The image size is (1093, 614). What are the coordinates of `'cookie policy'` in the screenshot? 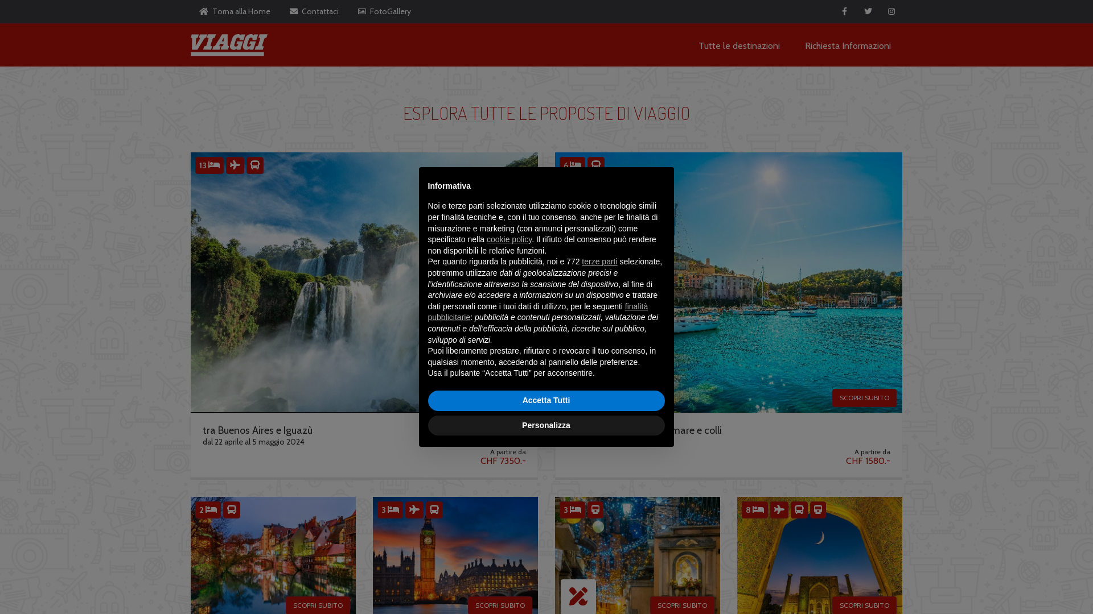 It's located at (509, 238).